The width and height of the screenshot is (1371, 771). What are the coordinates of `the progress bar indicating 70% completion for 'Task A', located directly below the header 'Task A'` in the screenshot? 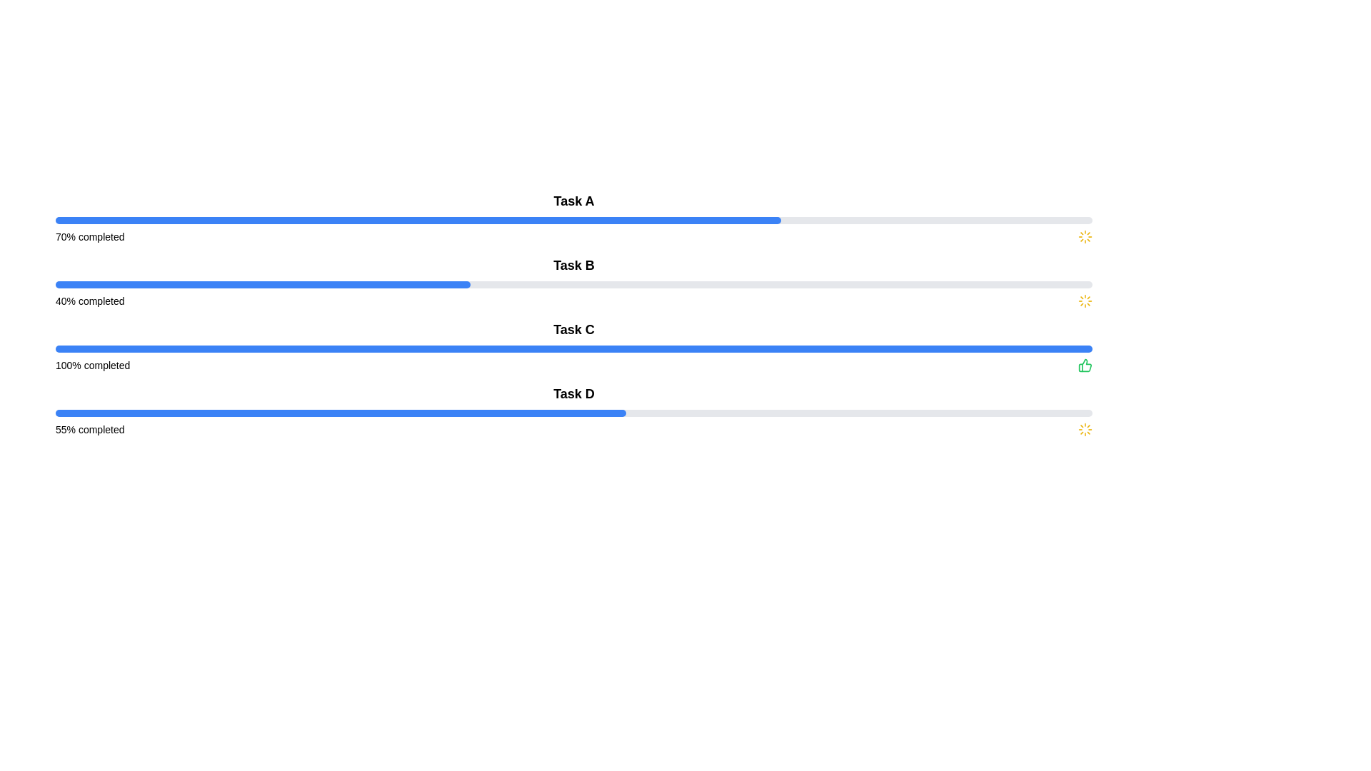 It's located at (574, 220).